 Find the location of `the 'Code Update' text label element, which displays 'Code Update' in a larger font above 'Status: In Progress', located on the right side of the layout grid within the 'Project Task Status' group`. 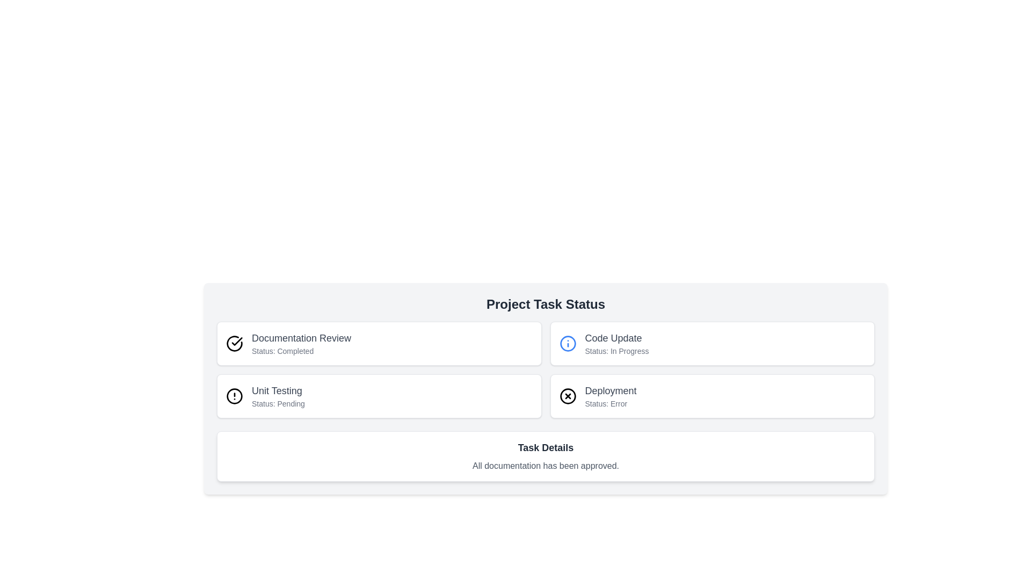

the 'Code Update' text label element, which displays 'Code Update' in a larger font above 'Status: In Progress', located on the right side of the layout grid within the 'Project Task Status' group is located at coordinates (617, 344).